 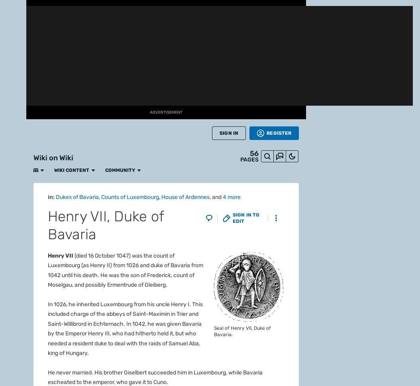 I want to click on 'FANDOM', so click(x=13, y=26).